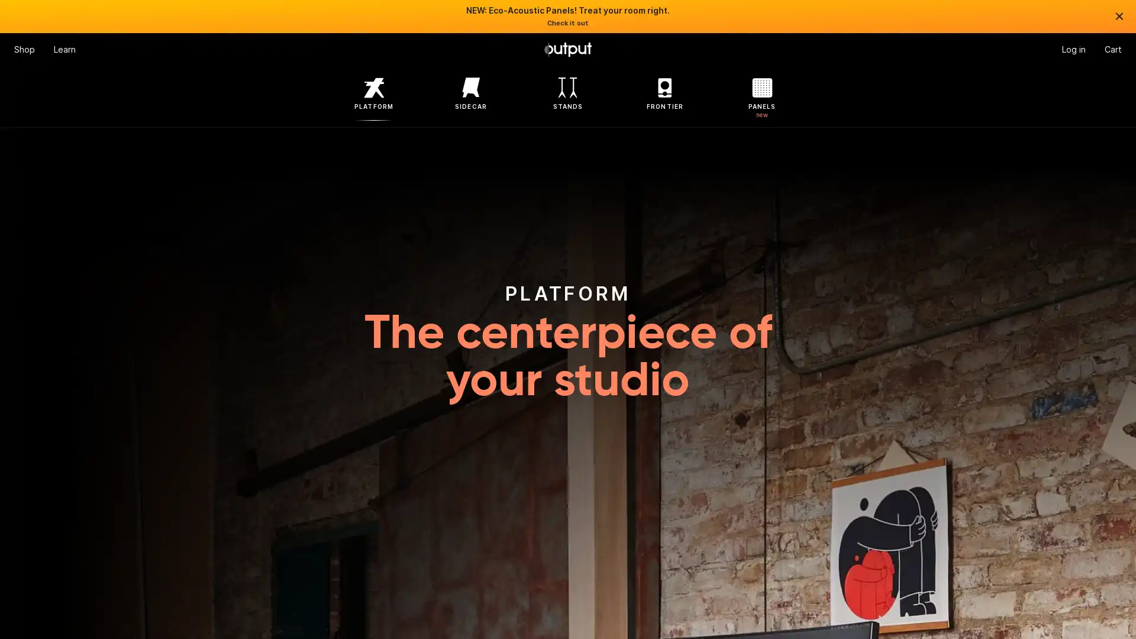  Describe the element at coordinates (49, 319) in the screenshot. I see `Previous` at that location.